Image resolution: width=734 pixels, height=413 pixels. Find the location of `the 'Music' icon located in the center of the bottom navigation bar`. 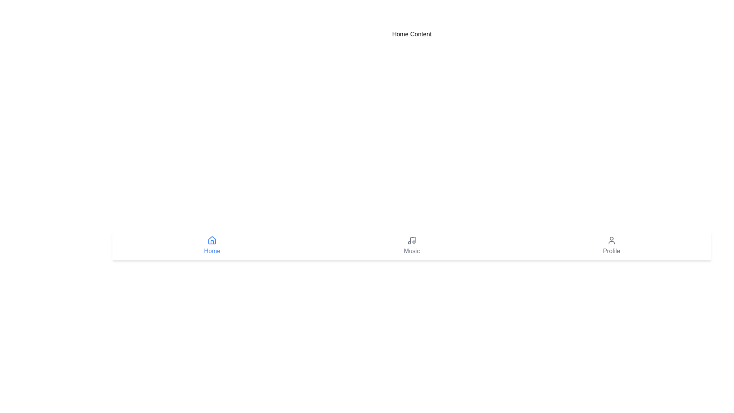

the 'Music' icon located in the center of the bottom navigation bar is located at coordinates (411, 240).